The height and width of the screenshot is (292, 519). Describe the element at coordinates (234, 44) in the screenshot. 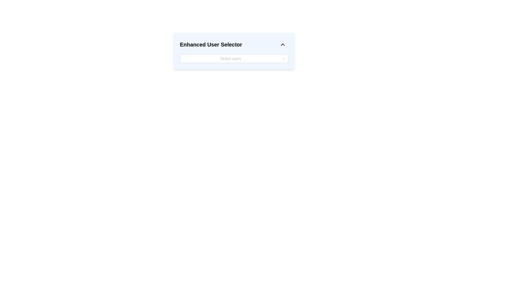

I see `the Header bar with text and icon` at that location.